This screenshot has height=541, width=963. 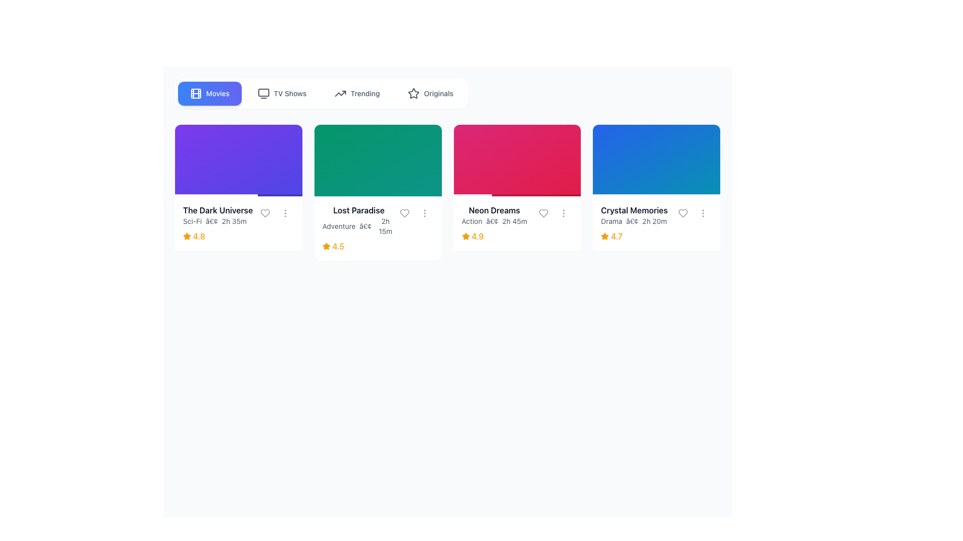 I want to click on the star icon in the navigation menu bar, so click(x=414, y=93).